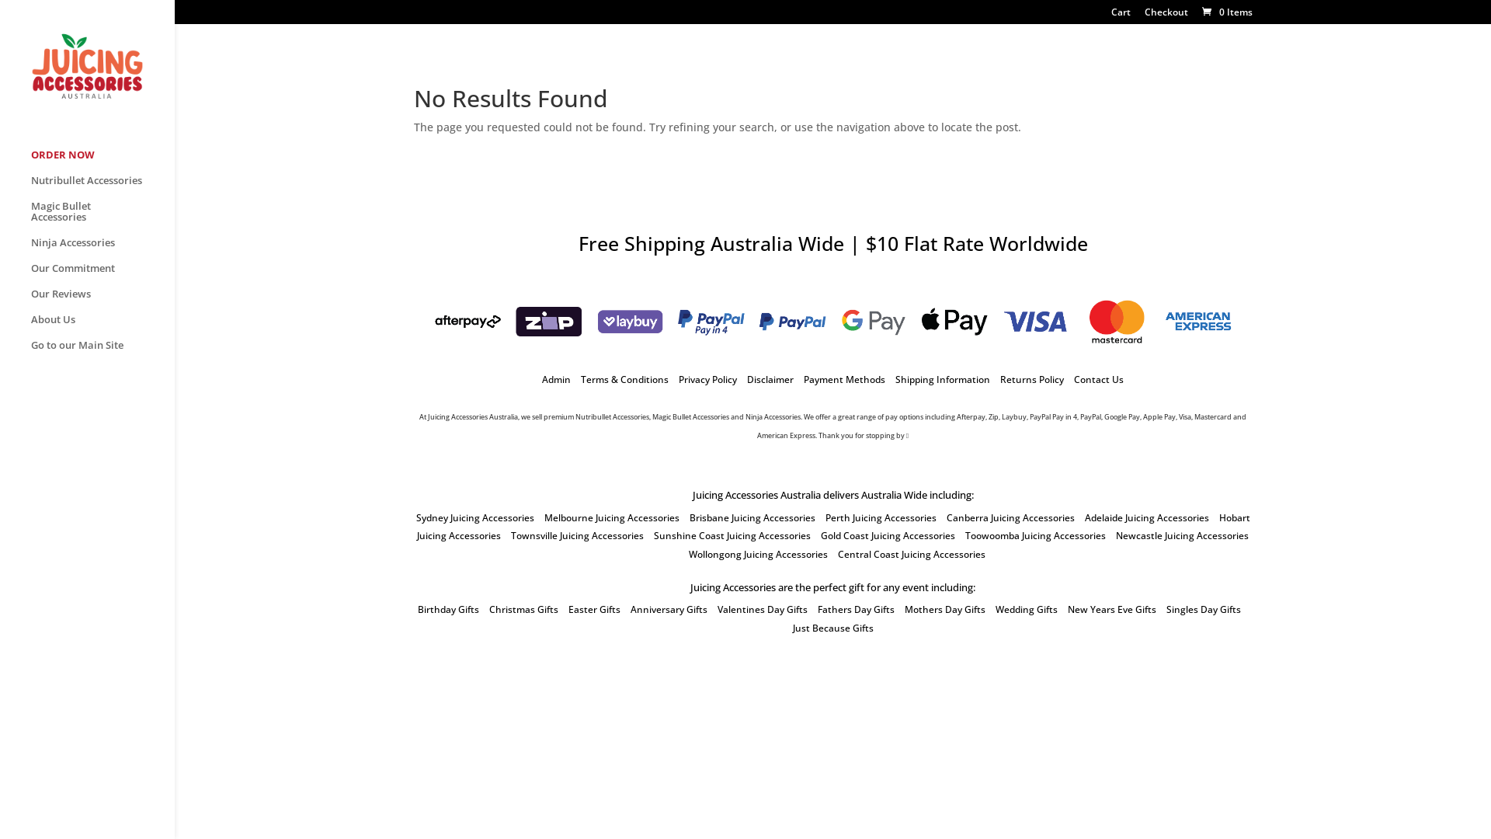 This screenshot has width=1491, height=839. Describe the element at coordinates (752, 517) in the screenshot. I see `'Brisbane Juicing Accessories'` at that location.